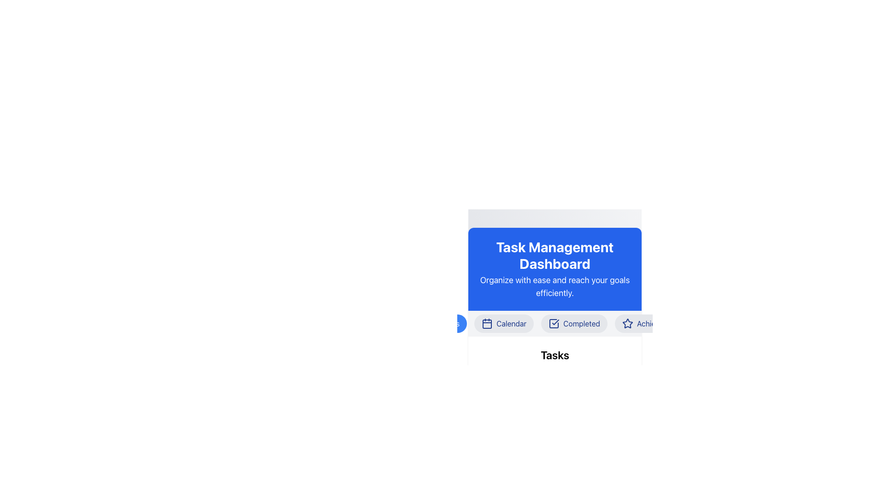 The image size is (885, 498). I want to click on the 'Completed' button, which is styled with a rounded rectangle, has a gray background with blue text, and includes a checkmark icon on the left, so click(574, 323).